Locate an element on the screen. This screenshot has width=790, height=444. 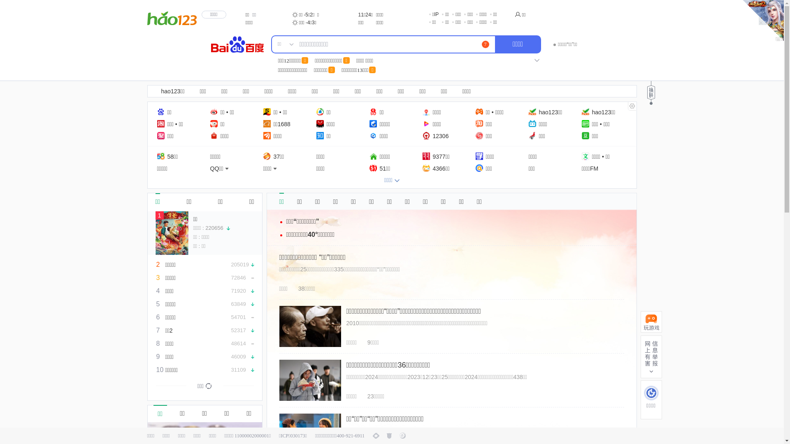
'7' is located at coordinates (485, 44).